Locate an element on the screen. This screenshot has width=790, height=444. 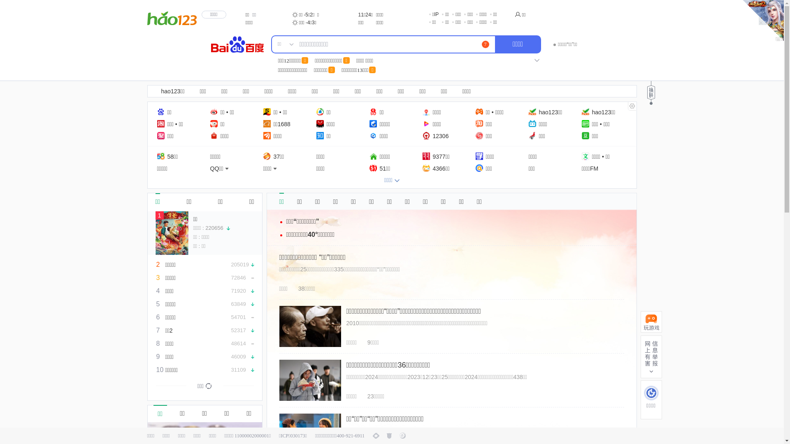
'7' is located at coordinates (485, 44).